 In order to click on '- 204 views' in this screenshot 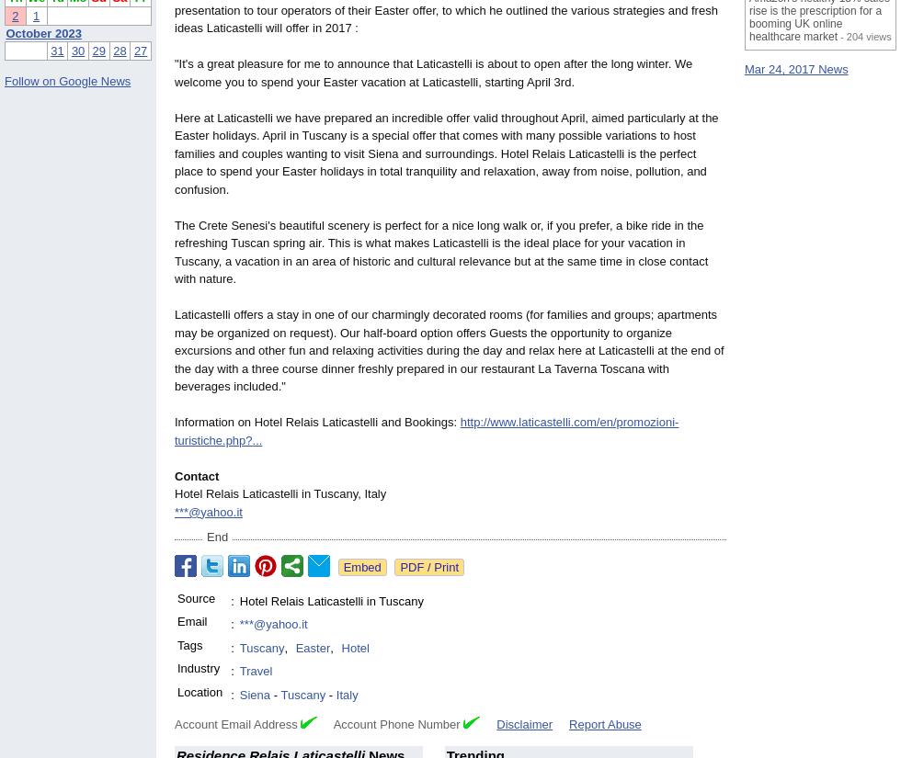, I will do `click(864, 37)`.